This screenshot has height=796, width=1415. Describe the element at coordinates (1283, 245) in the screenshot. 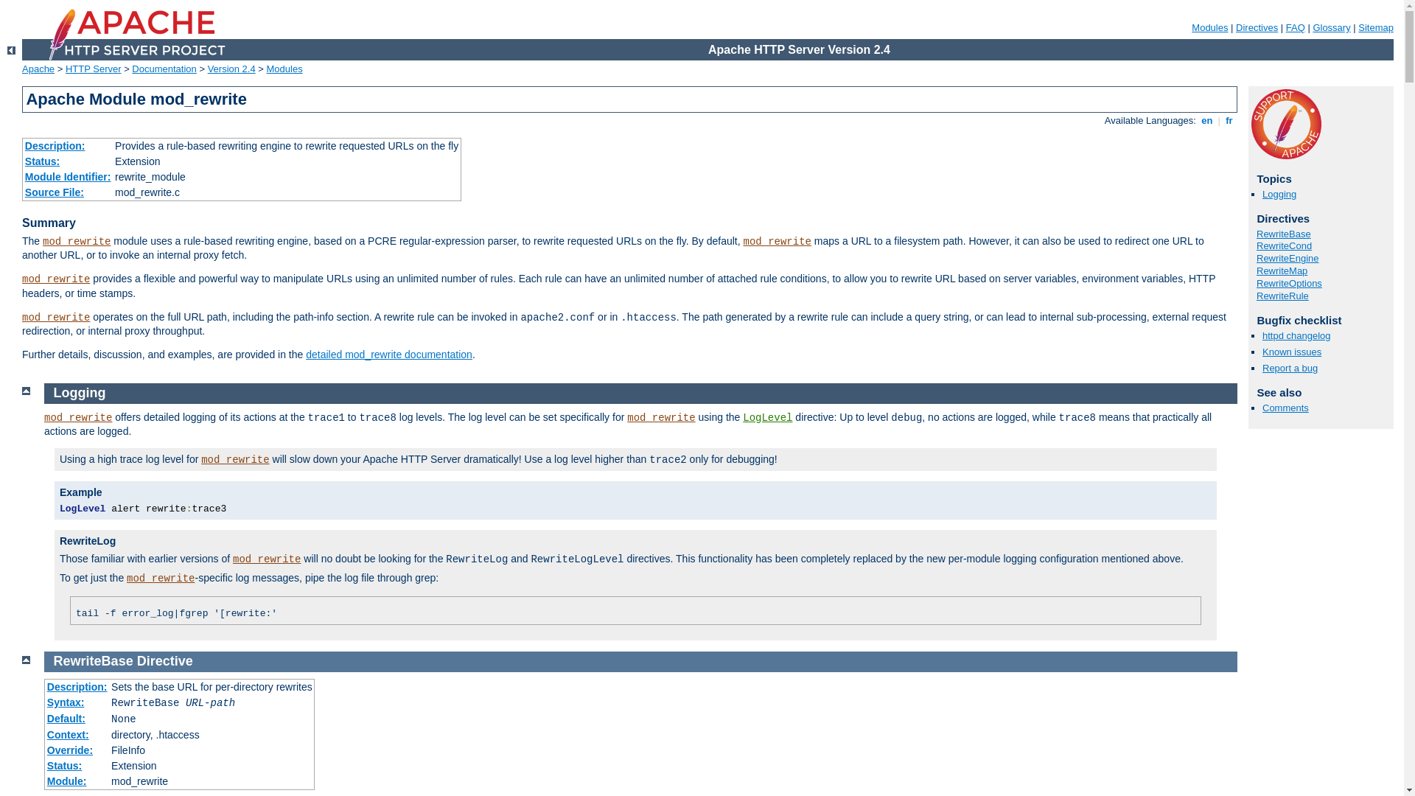

I see `'RewriteCond'` at that location.